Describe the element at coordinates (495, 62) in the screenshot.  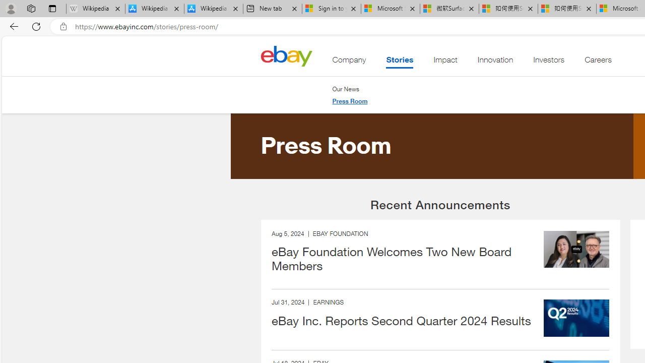
I see `'Innovation'` at that location.